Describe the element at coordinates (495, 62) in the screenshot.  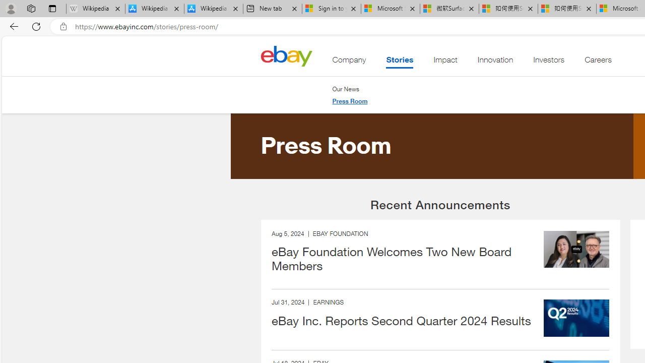
I see `'Innovation'` at that location.